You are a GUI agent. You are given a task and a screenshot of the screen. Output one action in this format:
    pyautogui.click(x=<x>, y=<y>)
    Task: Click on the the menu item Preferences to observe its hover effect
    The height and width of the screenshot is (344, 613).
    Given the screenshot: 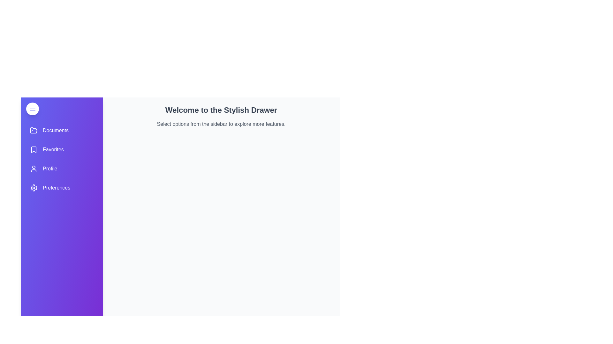 What is the action you would take?
    pyautogui.click(x=62, y=188)
    